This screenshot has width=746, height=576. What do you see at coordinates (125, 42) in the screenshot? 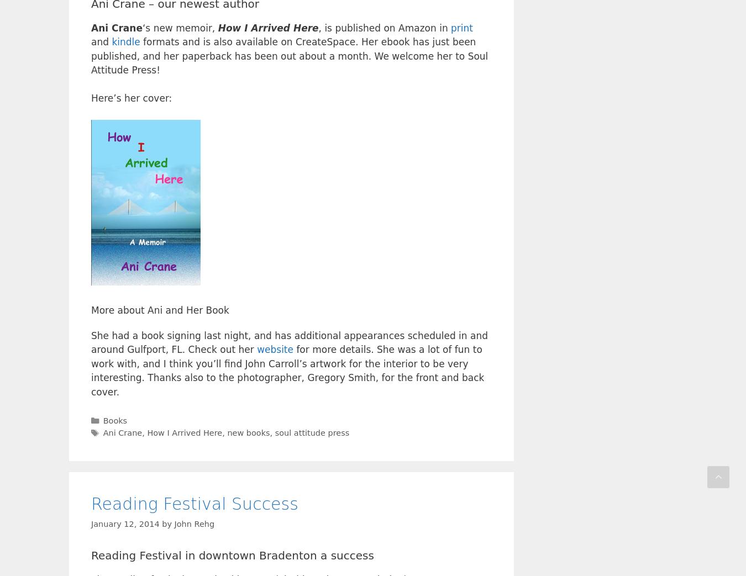
I see `'kindle'` at bounding box center [125, 42].